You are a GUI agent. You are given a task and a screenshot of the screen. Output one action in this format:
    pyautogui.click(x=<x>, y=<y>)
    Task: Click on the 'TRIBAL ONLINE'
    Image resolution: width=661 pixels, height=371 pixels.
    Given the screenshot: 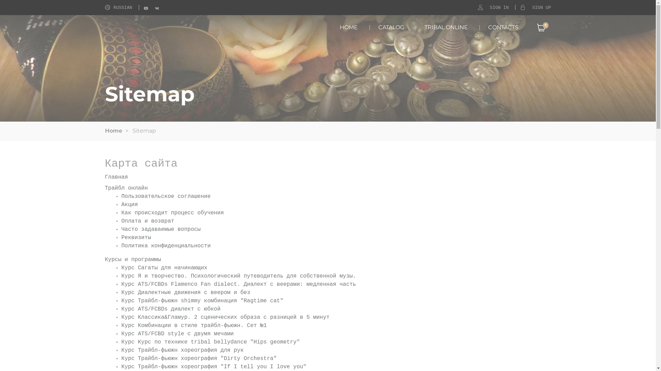 What is the action you would take?
    pyautogui.click(x=446, y=27)
    